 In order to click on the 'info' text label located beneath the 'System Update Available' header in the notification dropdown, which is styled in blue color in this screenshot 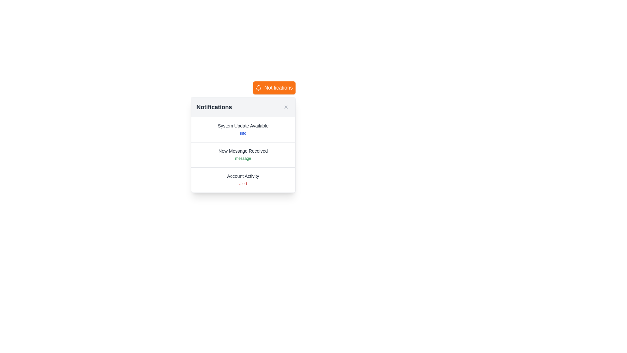, I will do `click(243, 133)`.